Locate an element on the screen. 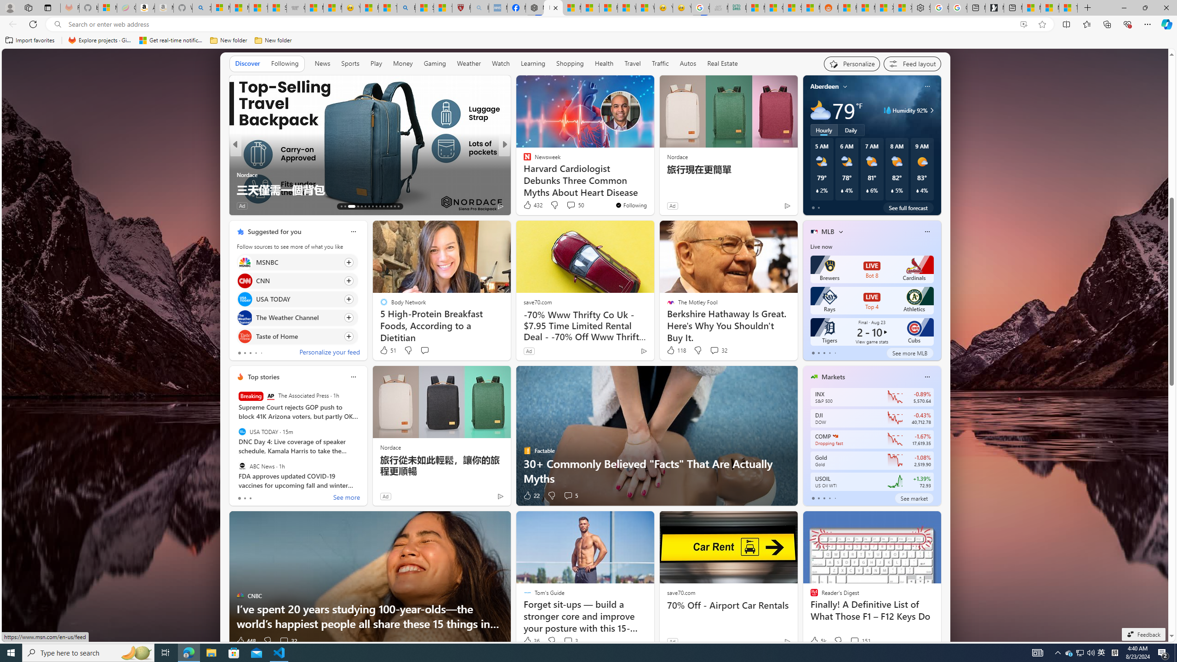  'Import favorites' is located at coordinates (30, 40).